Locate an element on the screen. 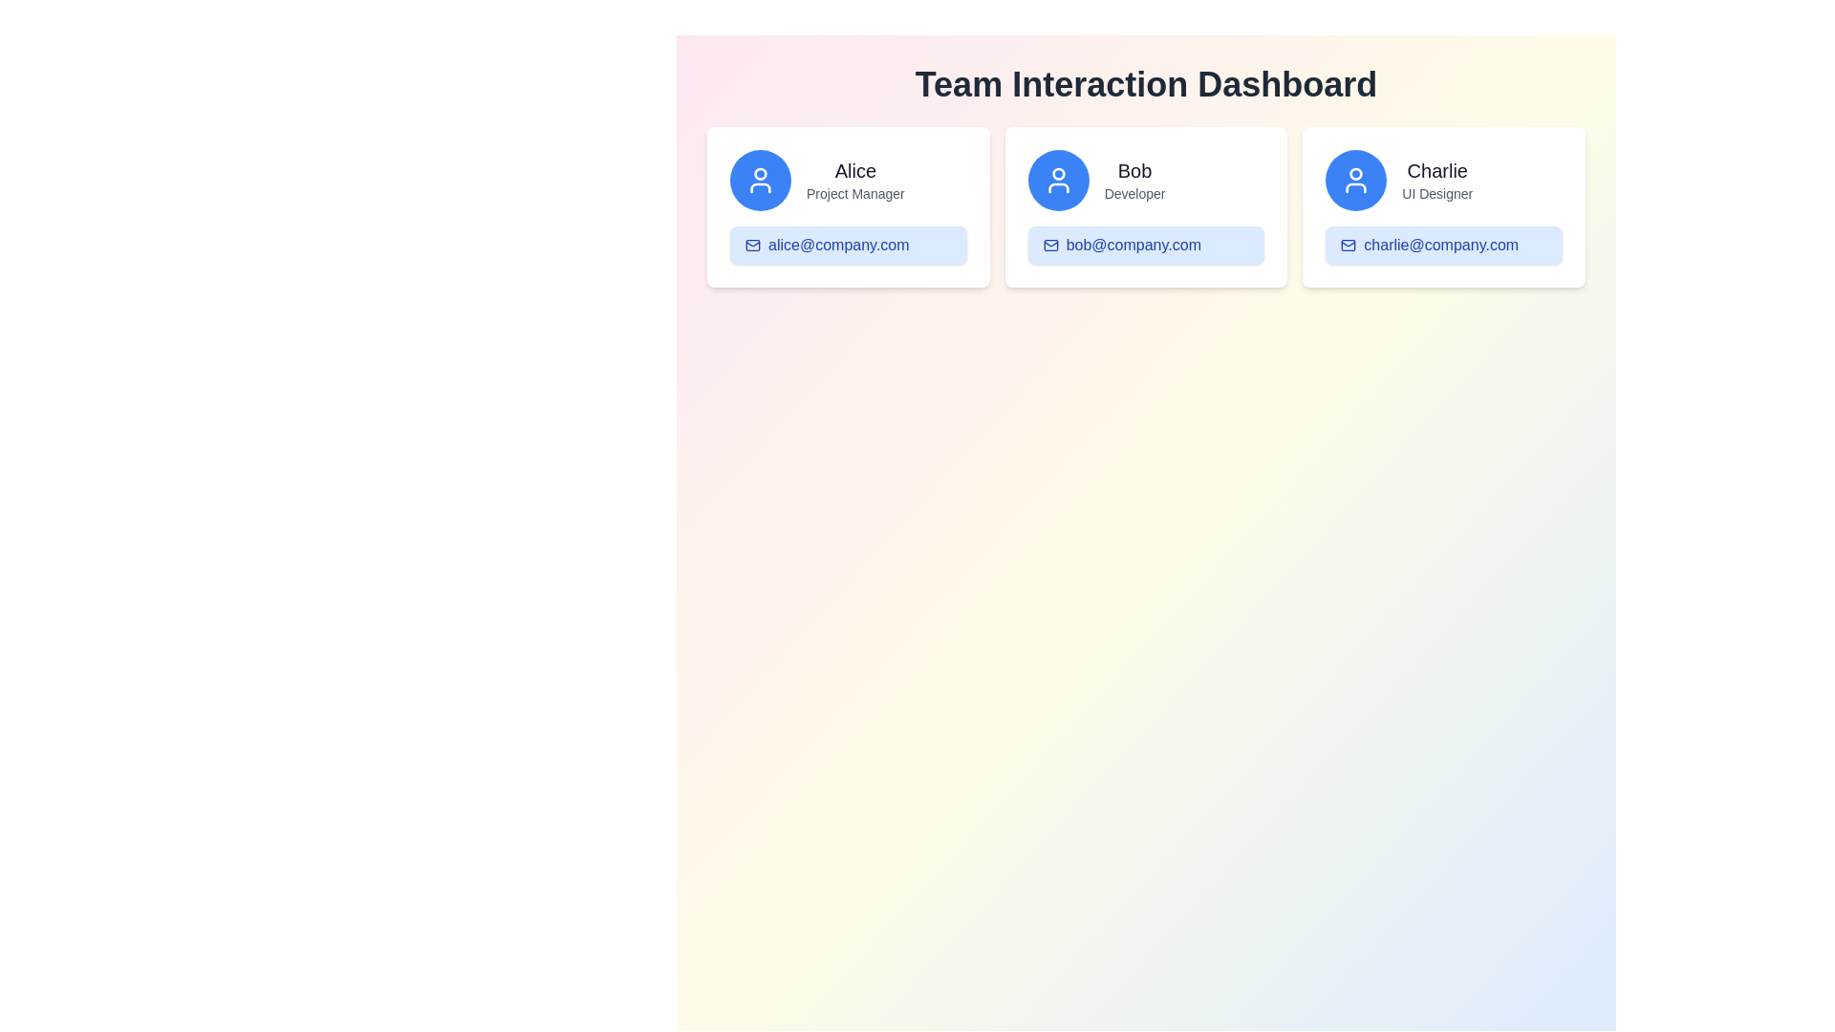 Image resolution: width=1835 pixels, height=1032 pixels. the user profile card for Charlie, which is the third card in a row of three is located at coordinates (1444, 206).